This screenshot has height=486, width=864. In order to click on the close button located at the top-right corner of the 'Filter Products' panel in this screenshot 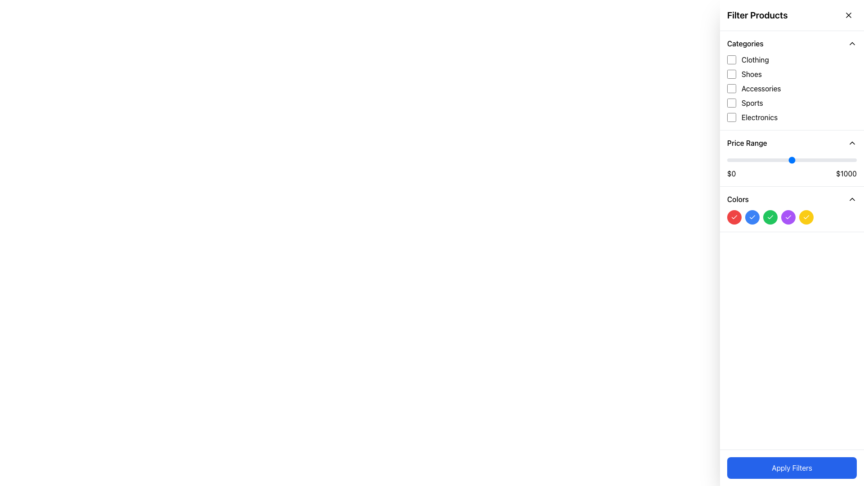, I will do `click(848, 15)`.